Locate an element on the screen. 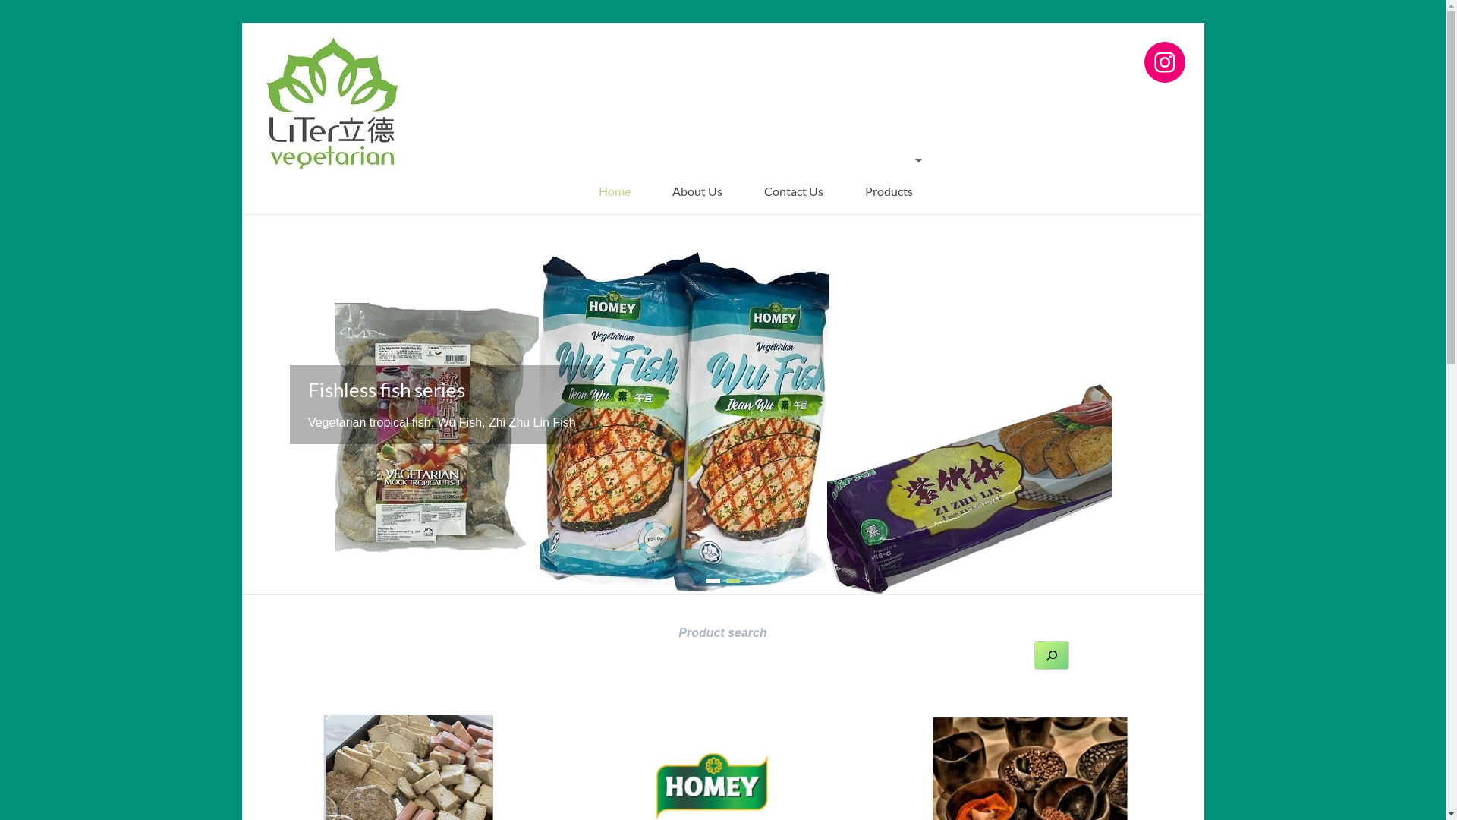  'Home' is located at coordinates (615, 190).